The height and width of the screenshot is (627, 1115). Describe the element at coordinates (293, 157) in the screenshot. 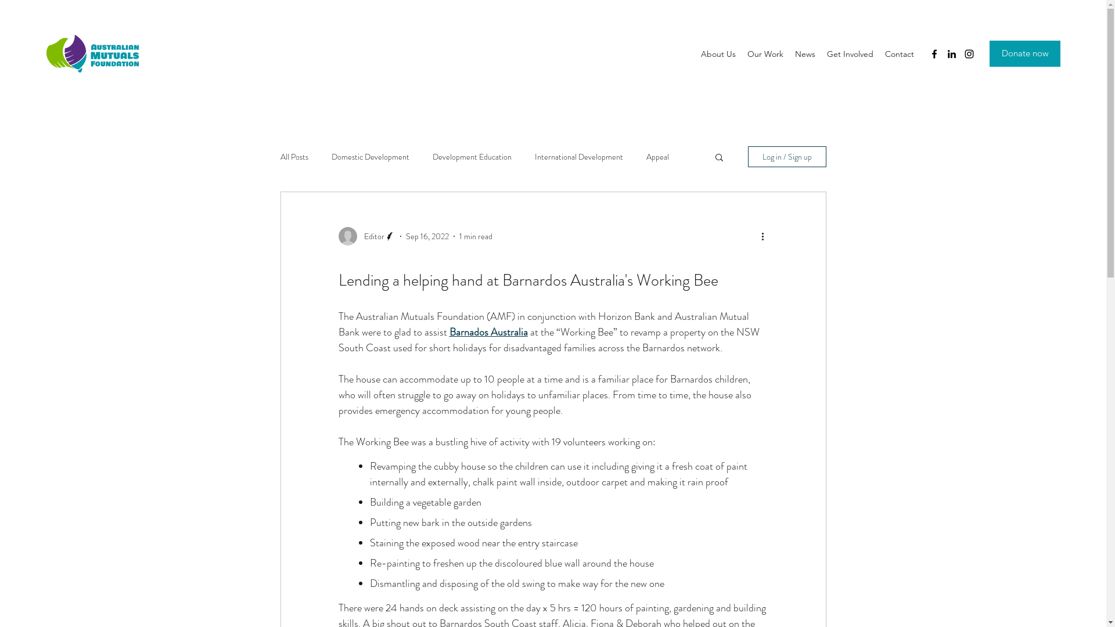

I see `'All Posts'` at that location.